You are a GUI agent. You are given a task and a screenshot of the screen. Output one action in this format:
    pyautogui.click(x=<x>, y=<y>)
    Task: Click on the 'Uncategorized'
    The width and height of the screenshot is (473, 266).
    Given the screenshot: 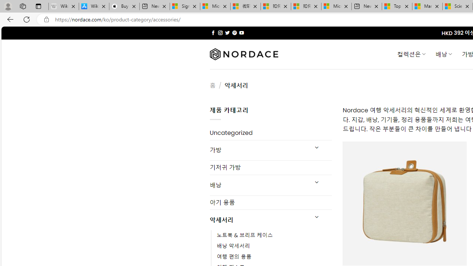 What is the action you would take?
    pyautogui.click(x=270, y=133)
    